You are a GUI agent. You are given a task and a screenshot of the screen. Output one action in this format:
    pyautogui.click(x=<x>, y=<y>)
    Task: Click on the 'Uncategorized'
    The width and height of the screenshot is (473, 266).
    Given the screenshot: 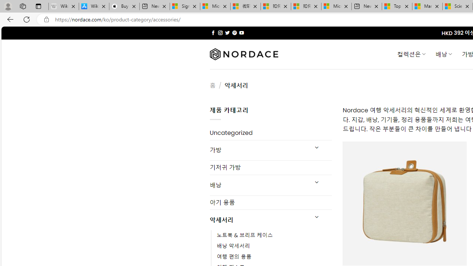 What is the action you would take?
    pyautogui.click(x=270, y=133)
    